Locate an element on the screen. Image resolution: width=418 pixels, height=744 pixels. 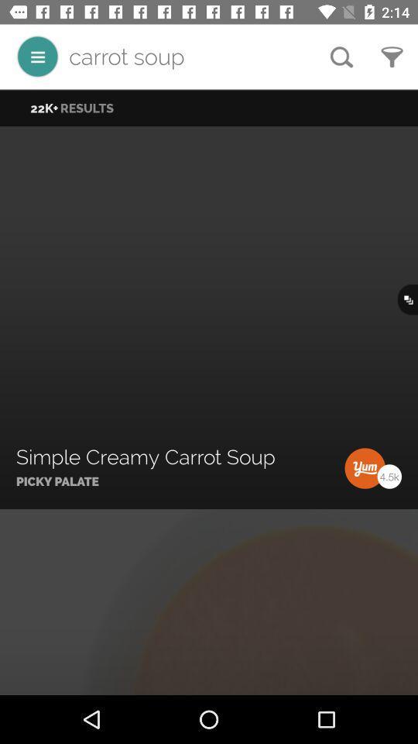
icon to the left of carrot soup is located at coordinates (37, 57).